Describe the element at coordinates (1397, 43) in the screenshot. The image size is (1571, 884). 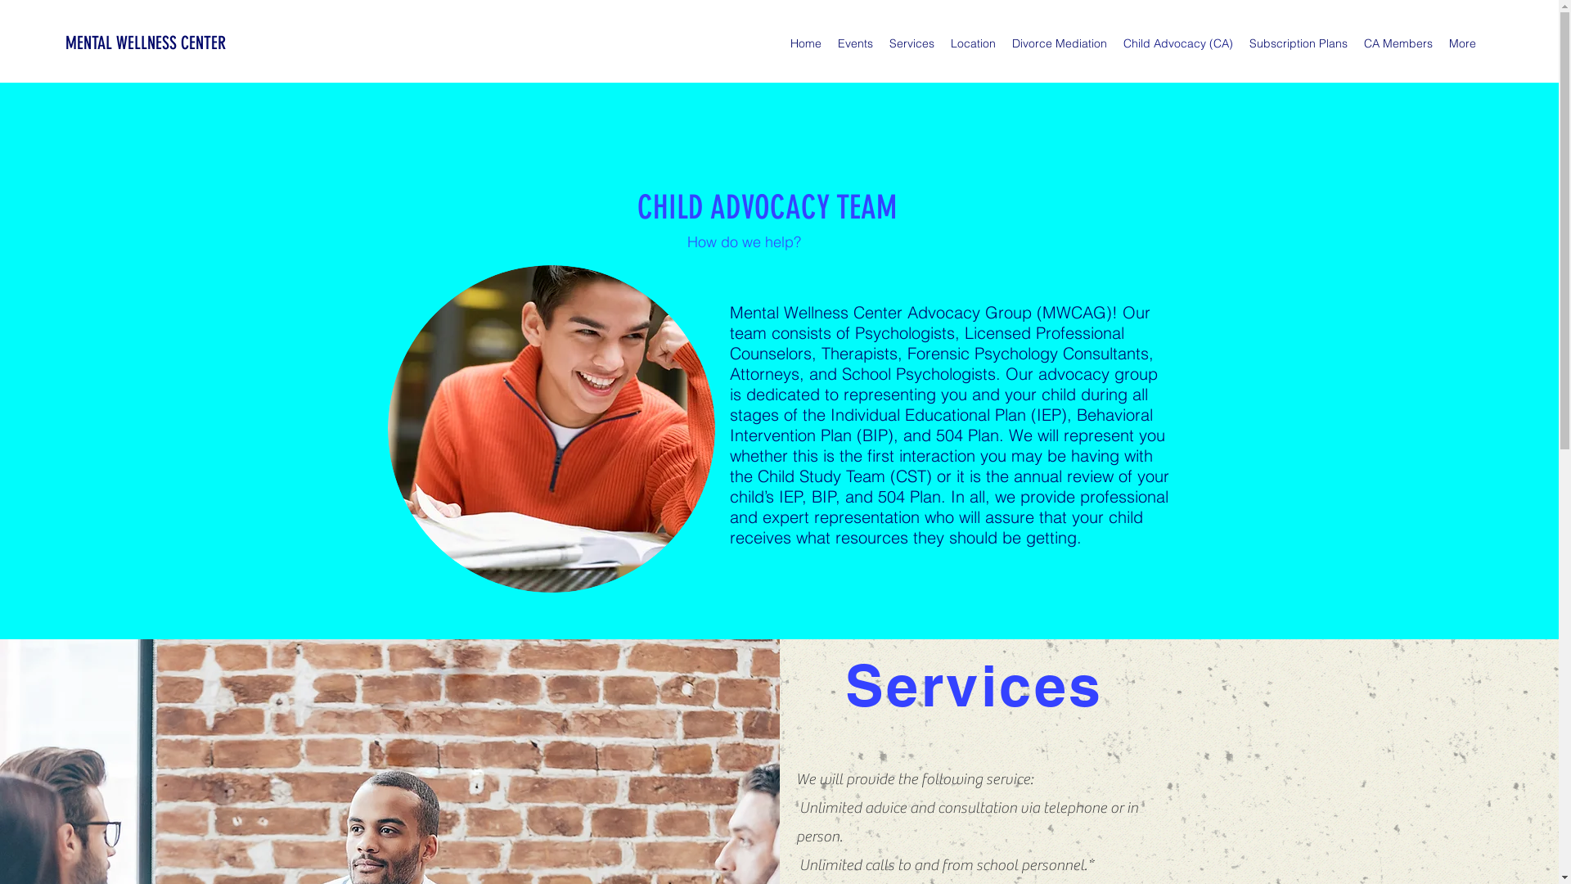
I see `'CA Members'` at that location.